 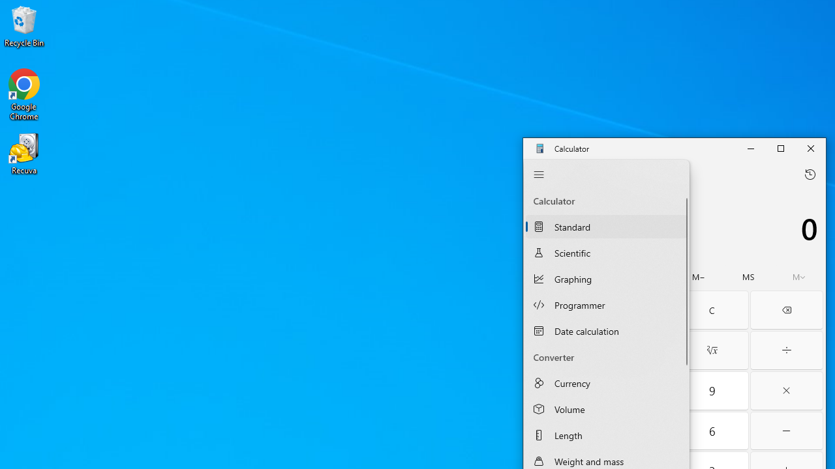 I want to click on 'Divide by', so click(x=785, y=350).